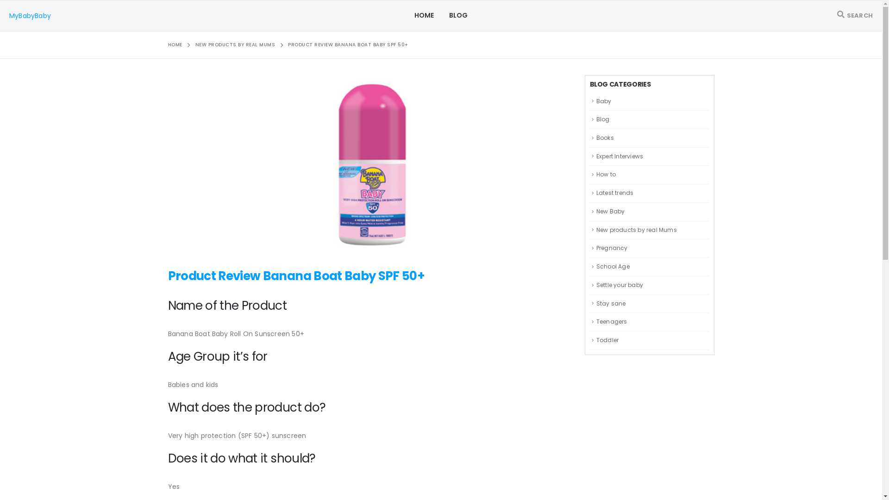 The width and height of the screenshot is (889, 500). Describe the element at coordinates (441, 15) in the screenshot. I see `'BLOG'` at that location.